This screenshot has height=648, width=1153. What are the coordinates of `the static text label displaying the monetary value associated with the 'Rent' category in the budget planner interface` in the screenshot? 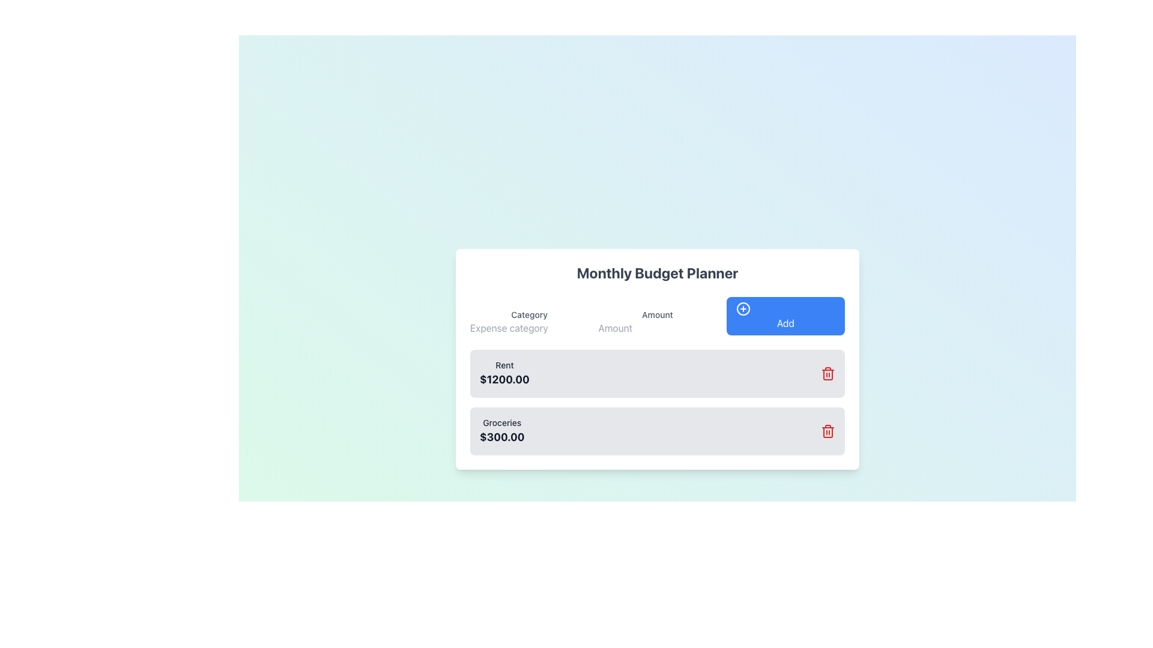 It's located at (504, 379).